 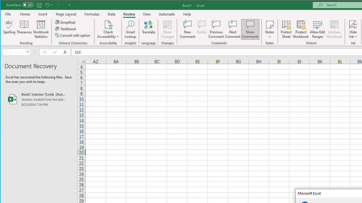 I want to click on 'Undo', so click(x=49, y=5).